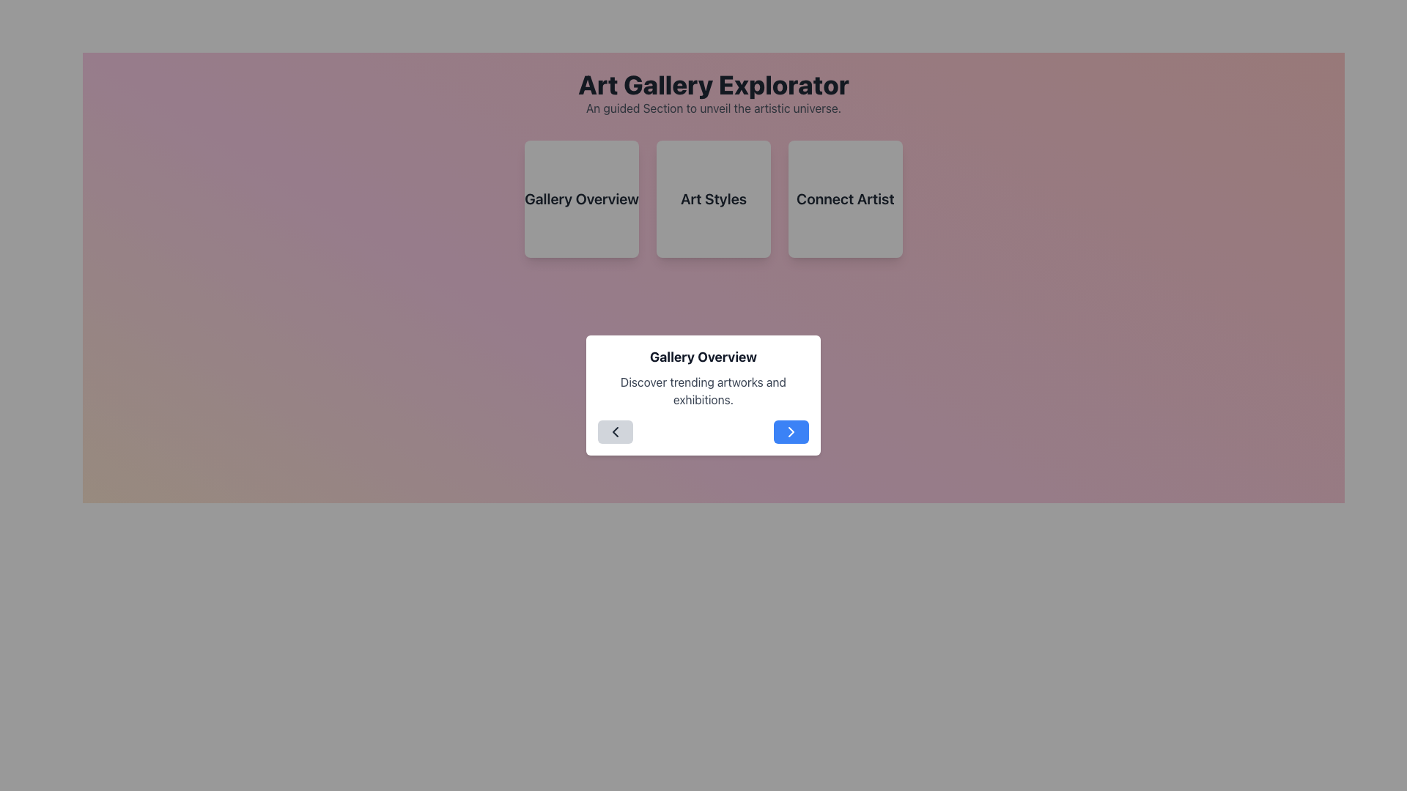 The width and height of the screenshot is (1407, 791). I want to click on the backward navigation icon located at the left-bottom corner of the modal-like popup window, so click(616, 431).